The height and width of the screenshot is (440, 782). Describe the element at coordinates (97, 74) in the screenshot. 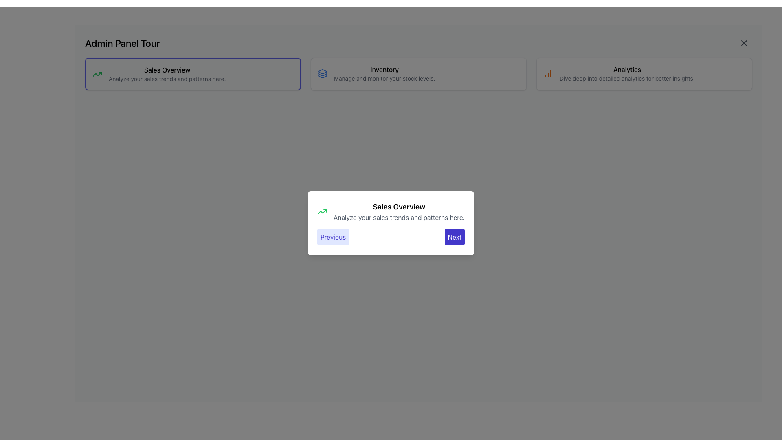

I see `the small, green, upward-trending arrow icon located on the left side of the Sales Overview section in the Admin Panel Tour` at that location.